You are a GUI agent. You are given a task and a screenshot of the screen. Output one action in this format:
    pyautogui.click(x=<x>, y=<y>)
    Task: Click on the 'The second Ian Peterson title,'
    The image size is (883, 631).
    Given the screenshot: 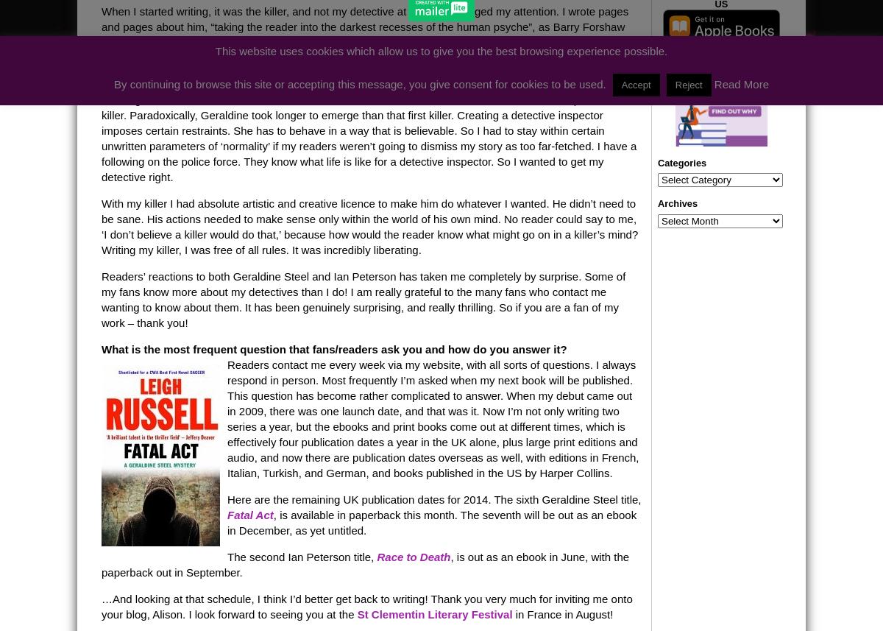 What is the action you would take?
    pyautogui.click(x=302, y=555)
    